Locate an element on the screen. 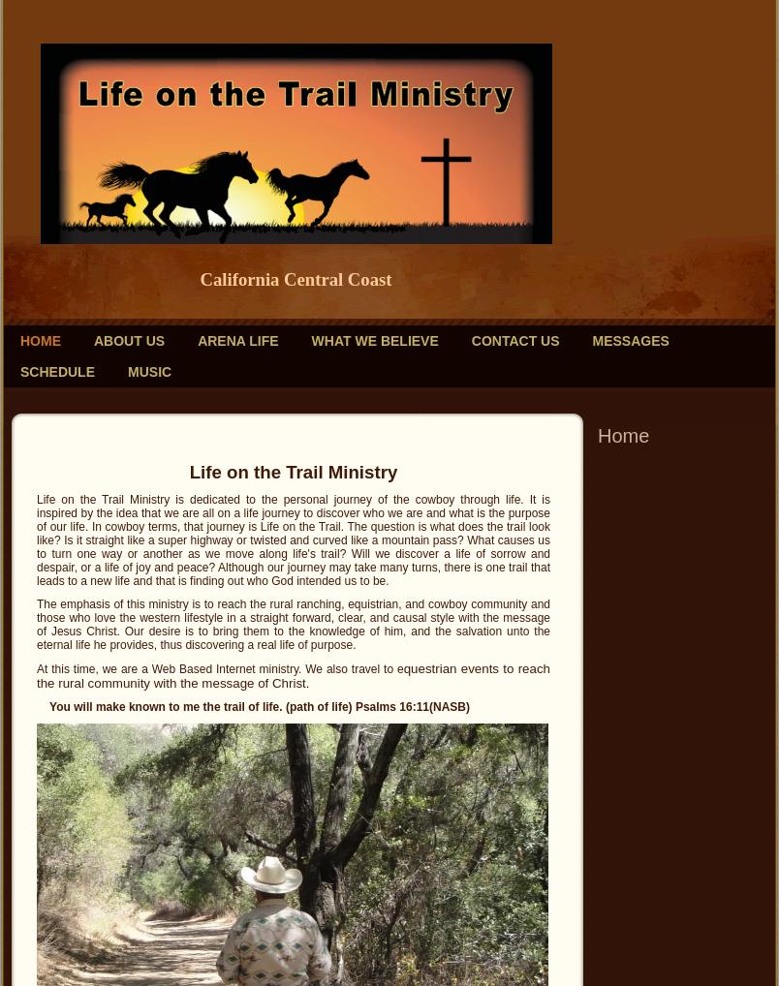 The image size is (779, 986). 'Schedule' is located at coordinates (56, 371).